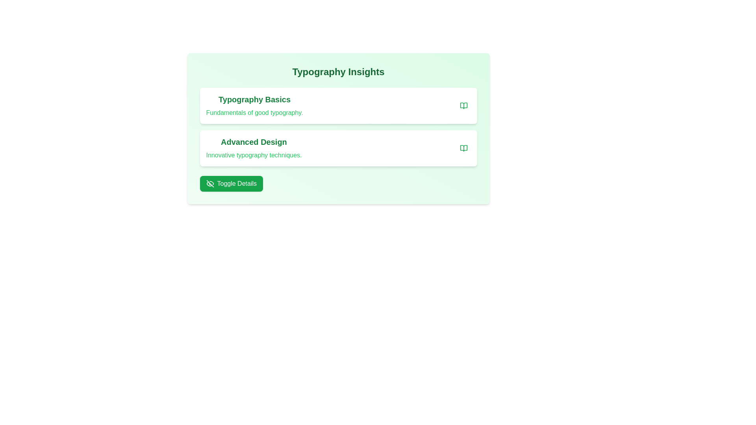  I want to click on the second informational content block that describes an advanced concept in typography, located beneath the 'Typography Basics' block, so click(338, 148).